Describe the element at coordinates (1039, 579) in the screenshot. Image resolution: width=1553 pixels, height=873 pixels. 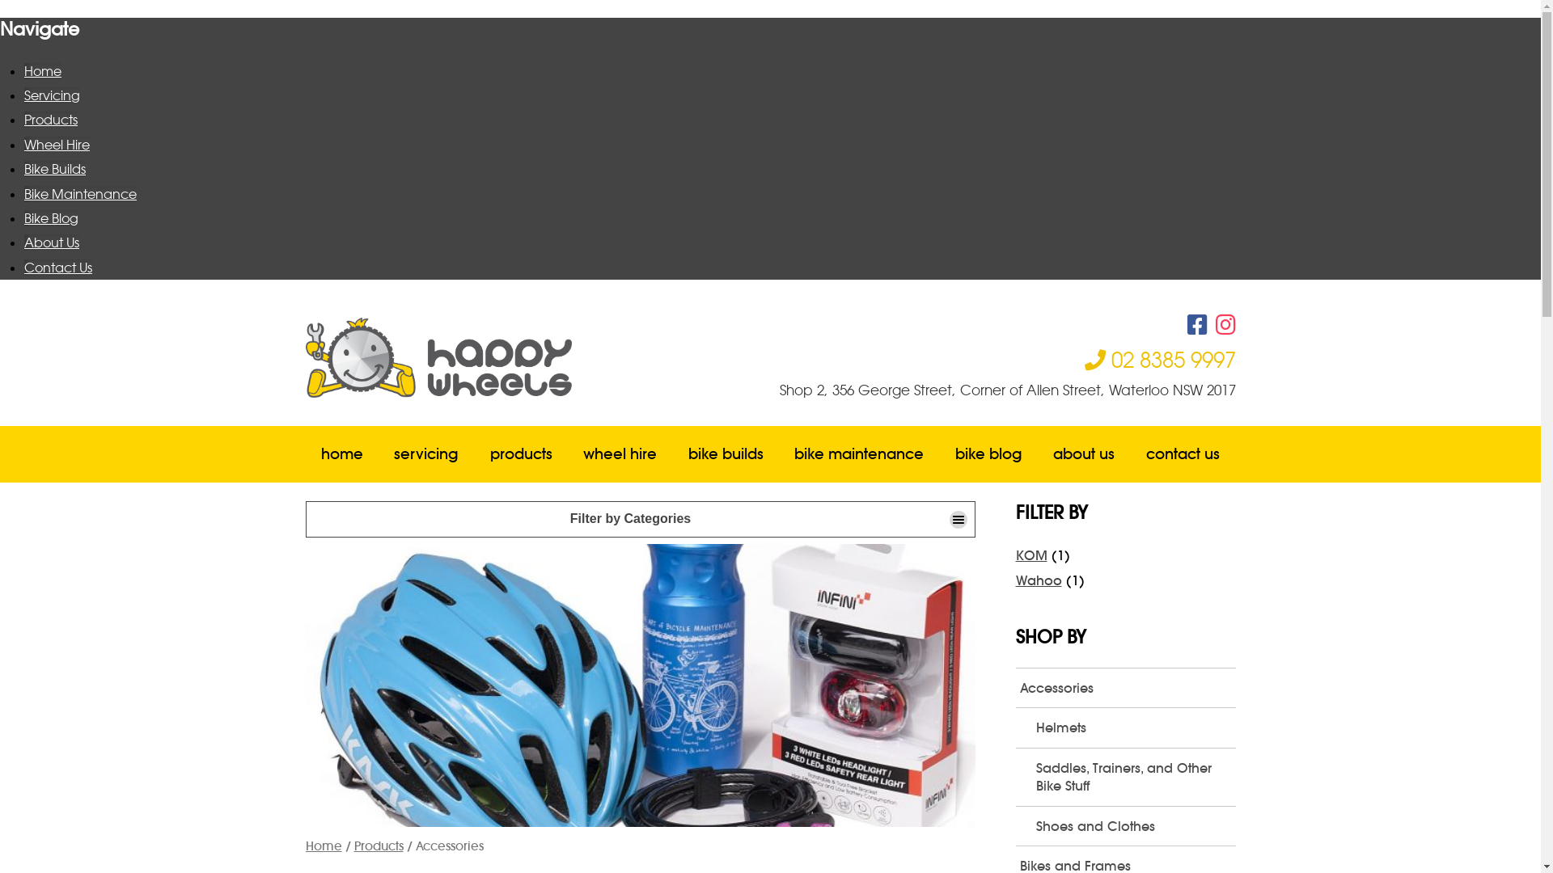
I see `'Wahoo'` at that location.